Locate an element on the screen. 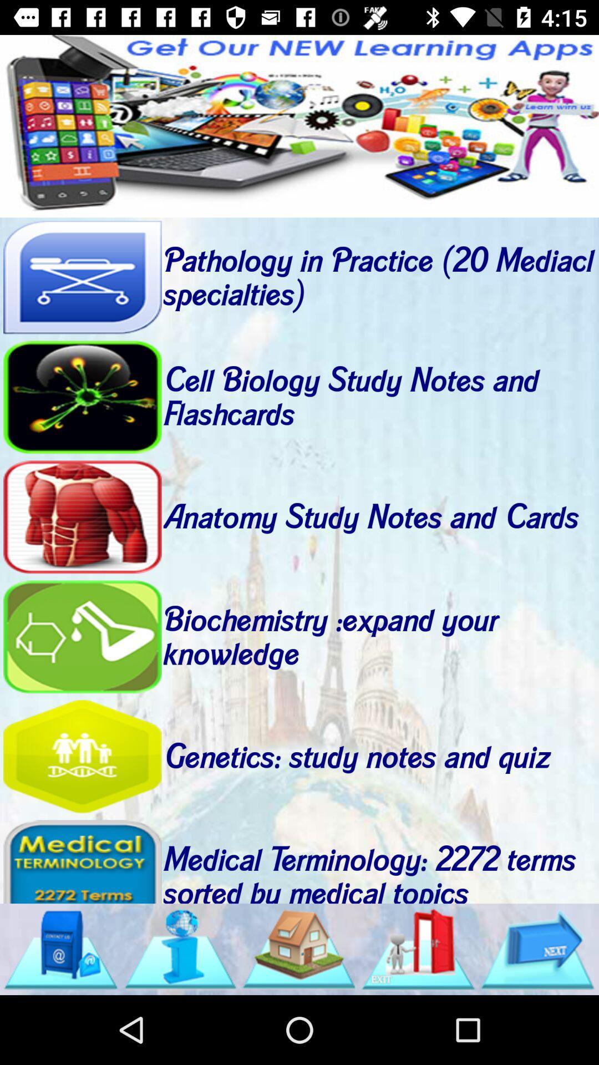  visit the item is located at coordinates (82, 756).